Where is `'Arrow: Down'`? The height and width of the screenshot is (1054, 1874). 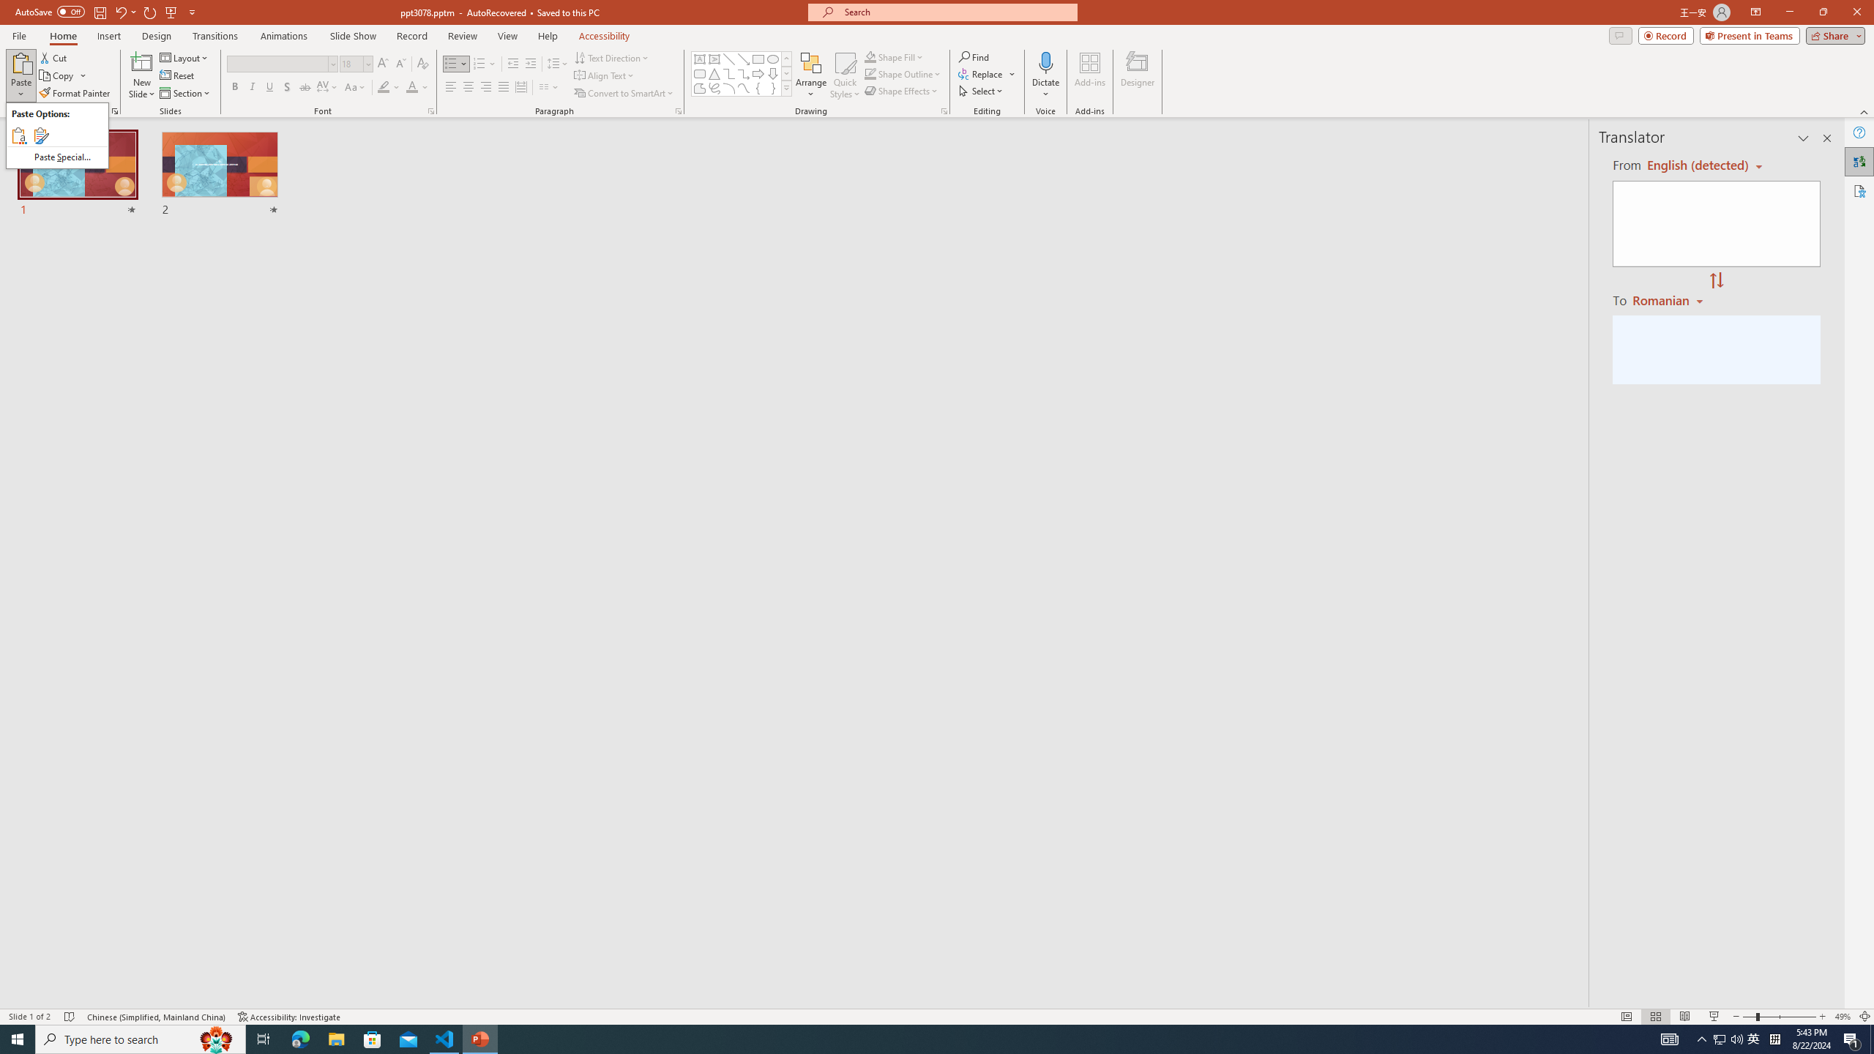
'Arrow: Down' is located at coordinates (772, 72).